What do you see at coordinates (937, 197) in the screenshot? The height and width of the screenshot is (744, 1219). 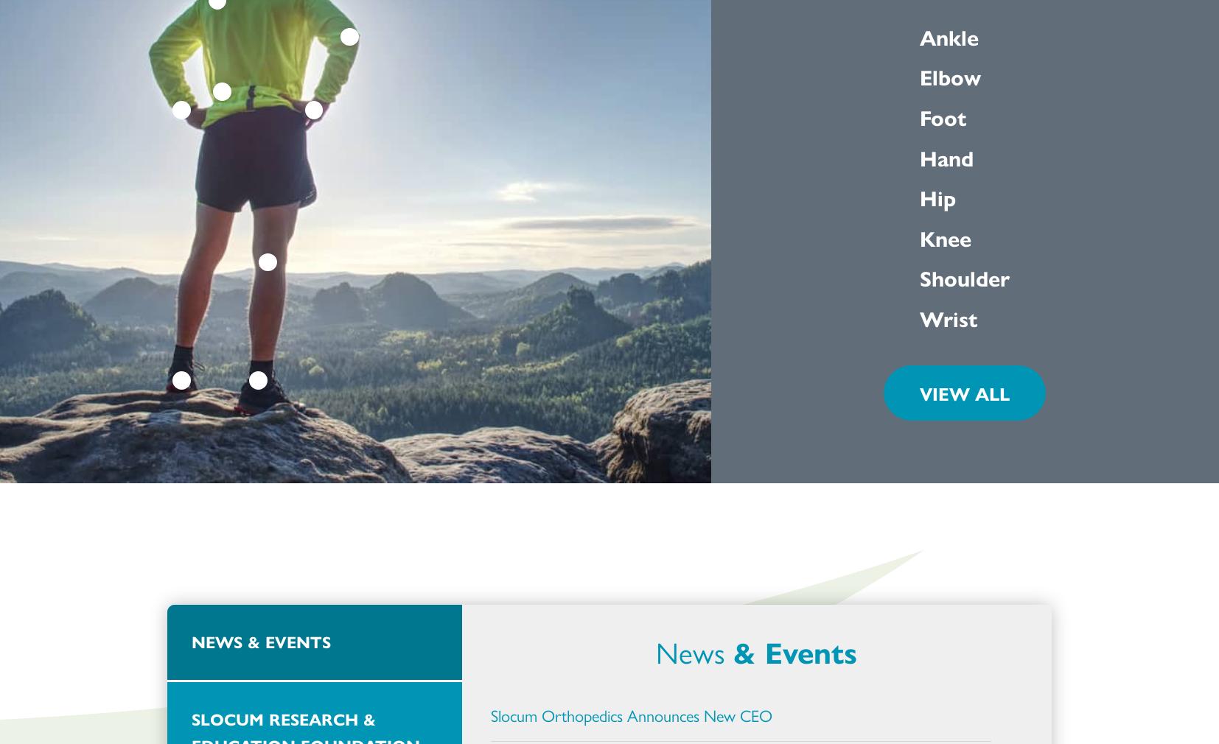 I see `'Hip'` at bounding box center [937, 197].